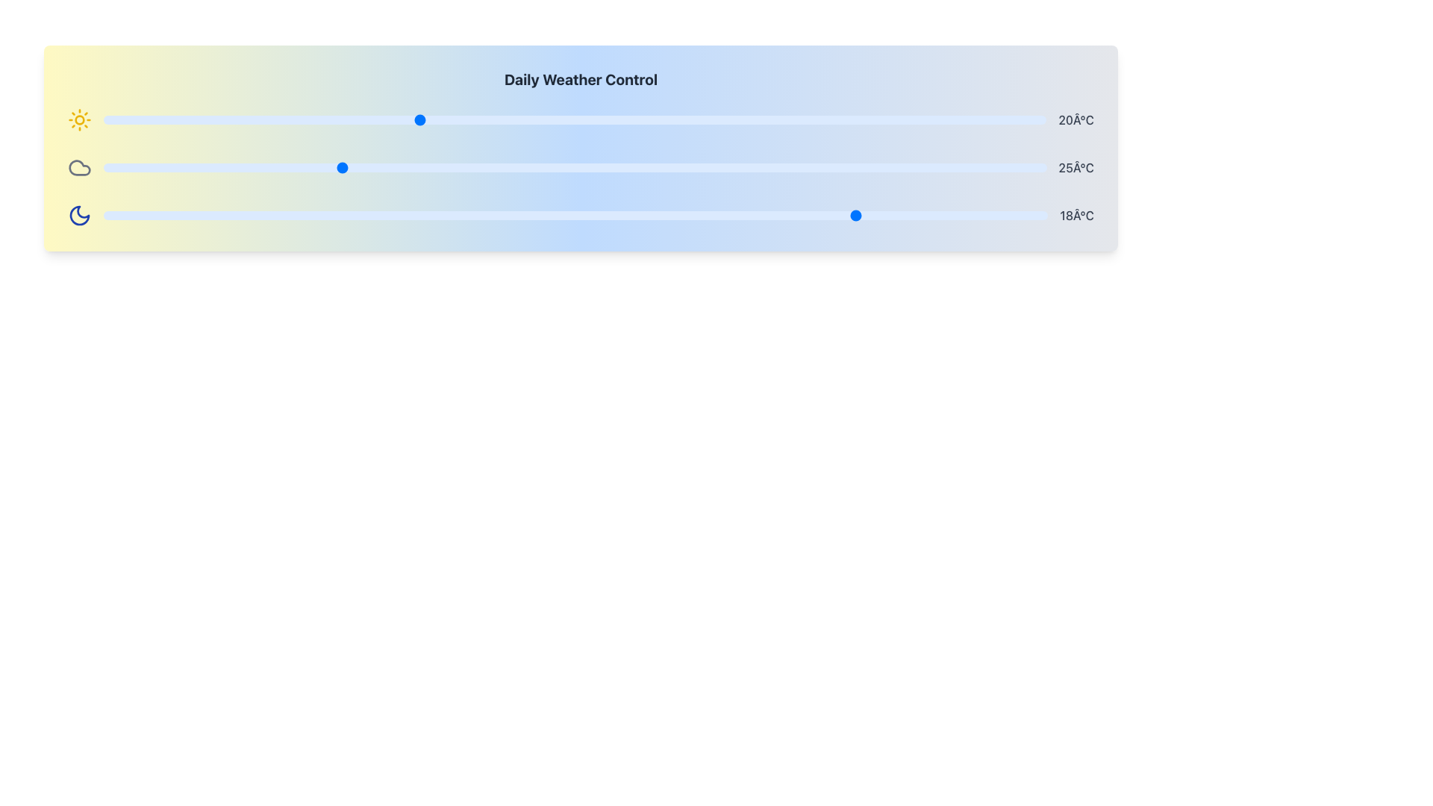 This screenshot has width=1433, height=806. What do you see at coordinates (197, 216) in the screenshot?
I see `the temperature slider` at bounding box center [197, 216].